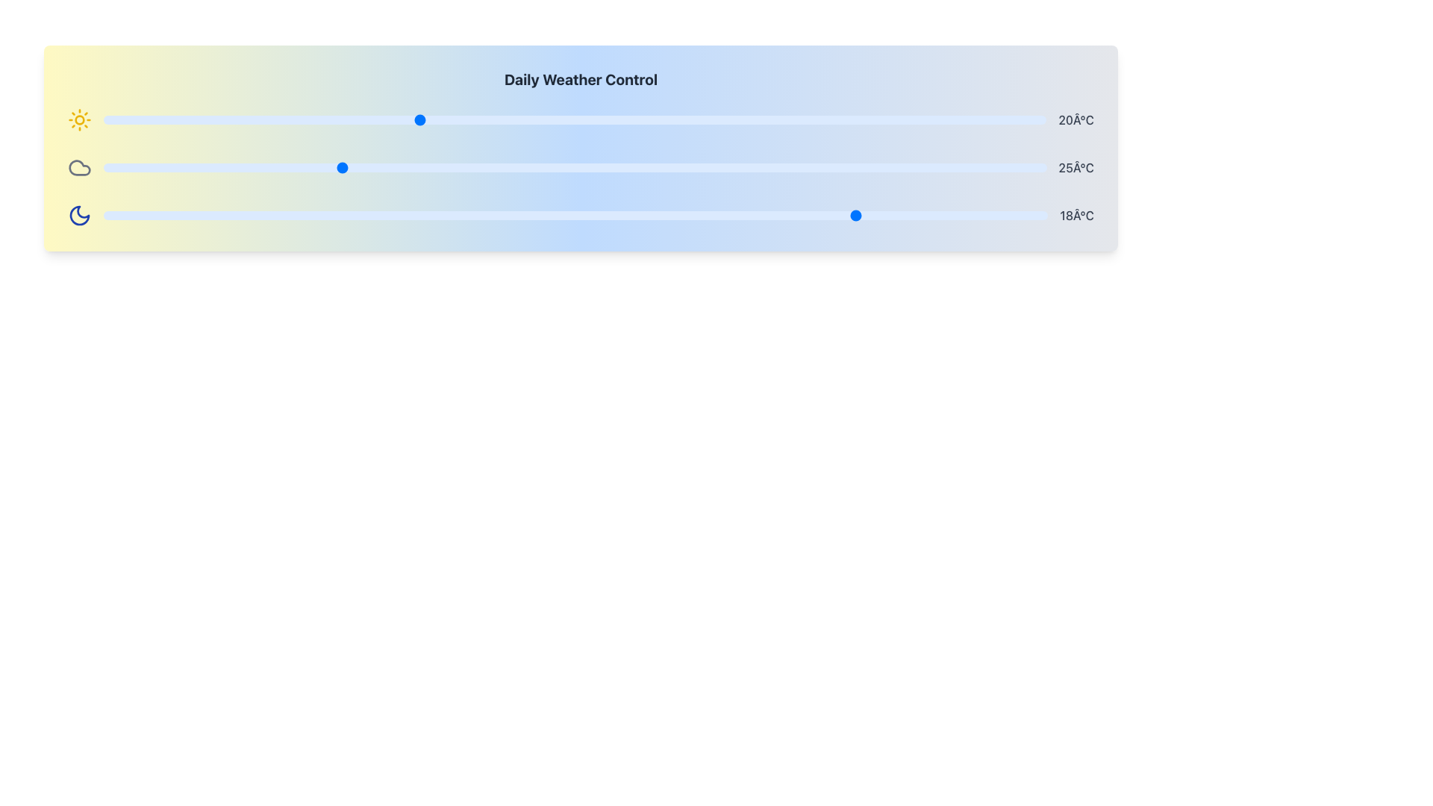 This screenshot has width=1433, height=806. What do you see at coordinates (197, 216) in the screenshot?
I see `the temperature slider` at bounding box center [197, 216].